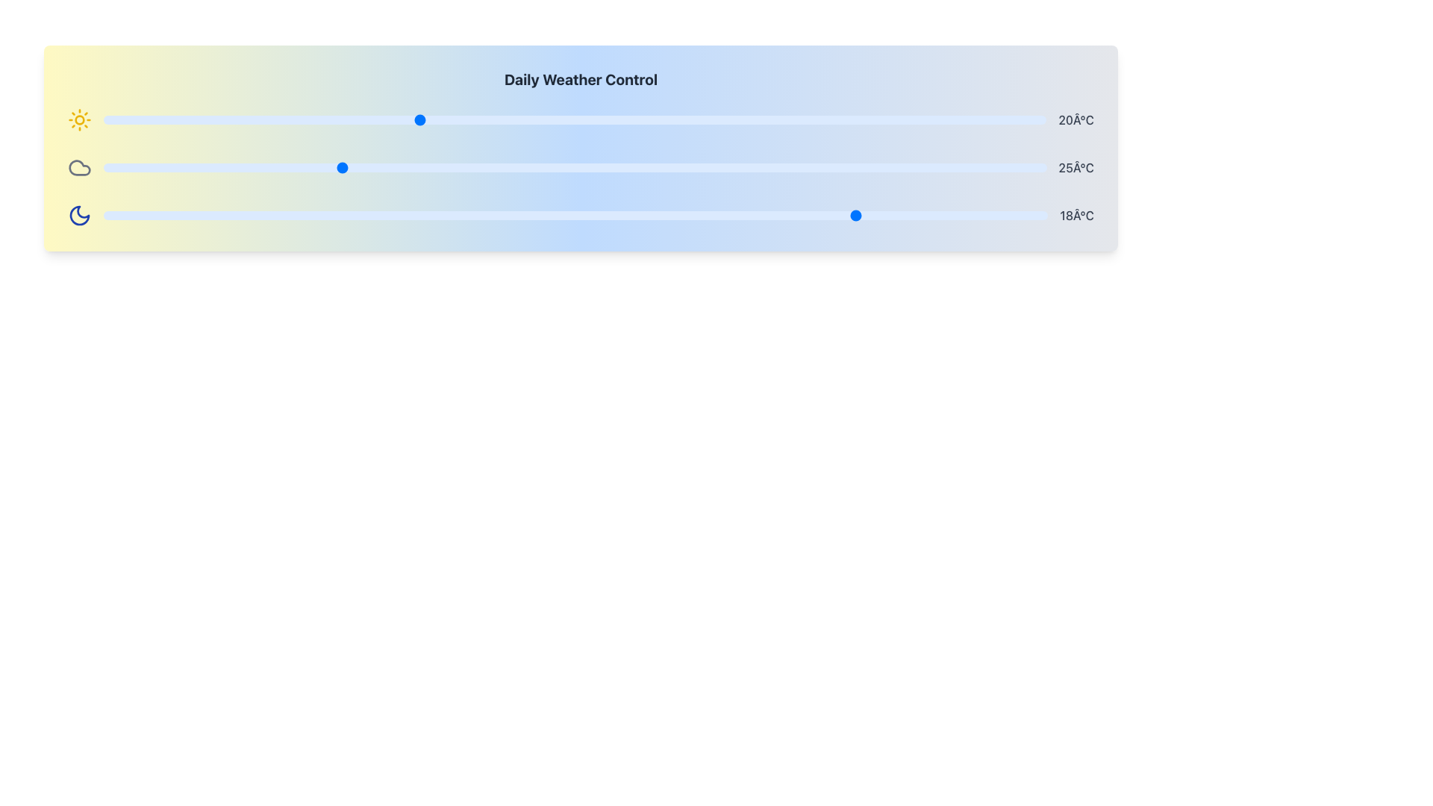 This screenshot has width=1433, height=806. What do you see at coordinates (197, 216) in the screenshot?
I see `the temperature slider` at bounding box center [197, 216].